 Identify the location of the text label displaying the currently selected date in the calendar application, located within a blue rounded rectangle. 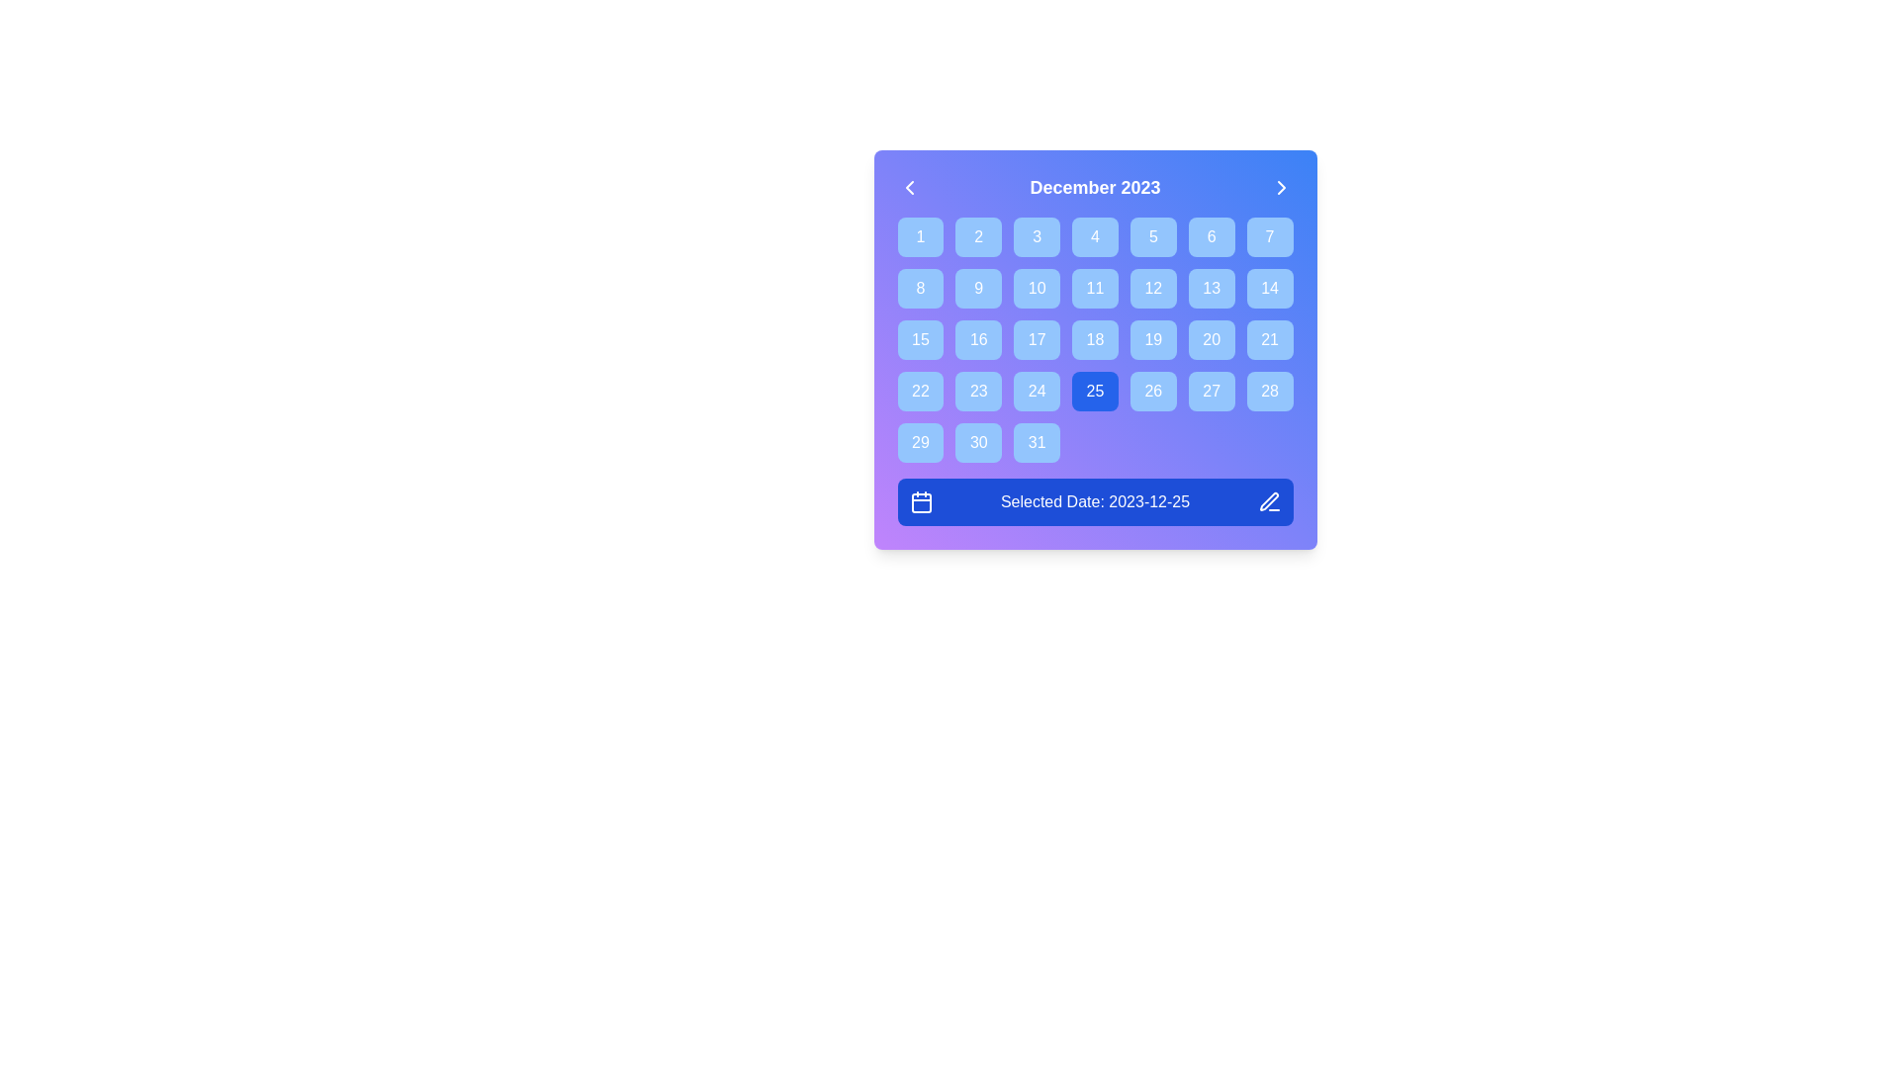
(1094, 501).